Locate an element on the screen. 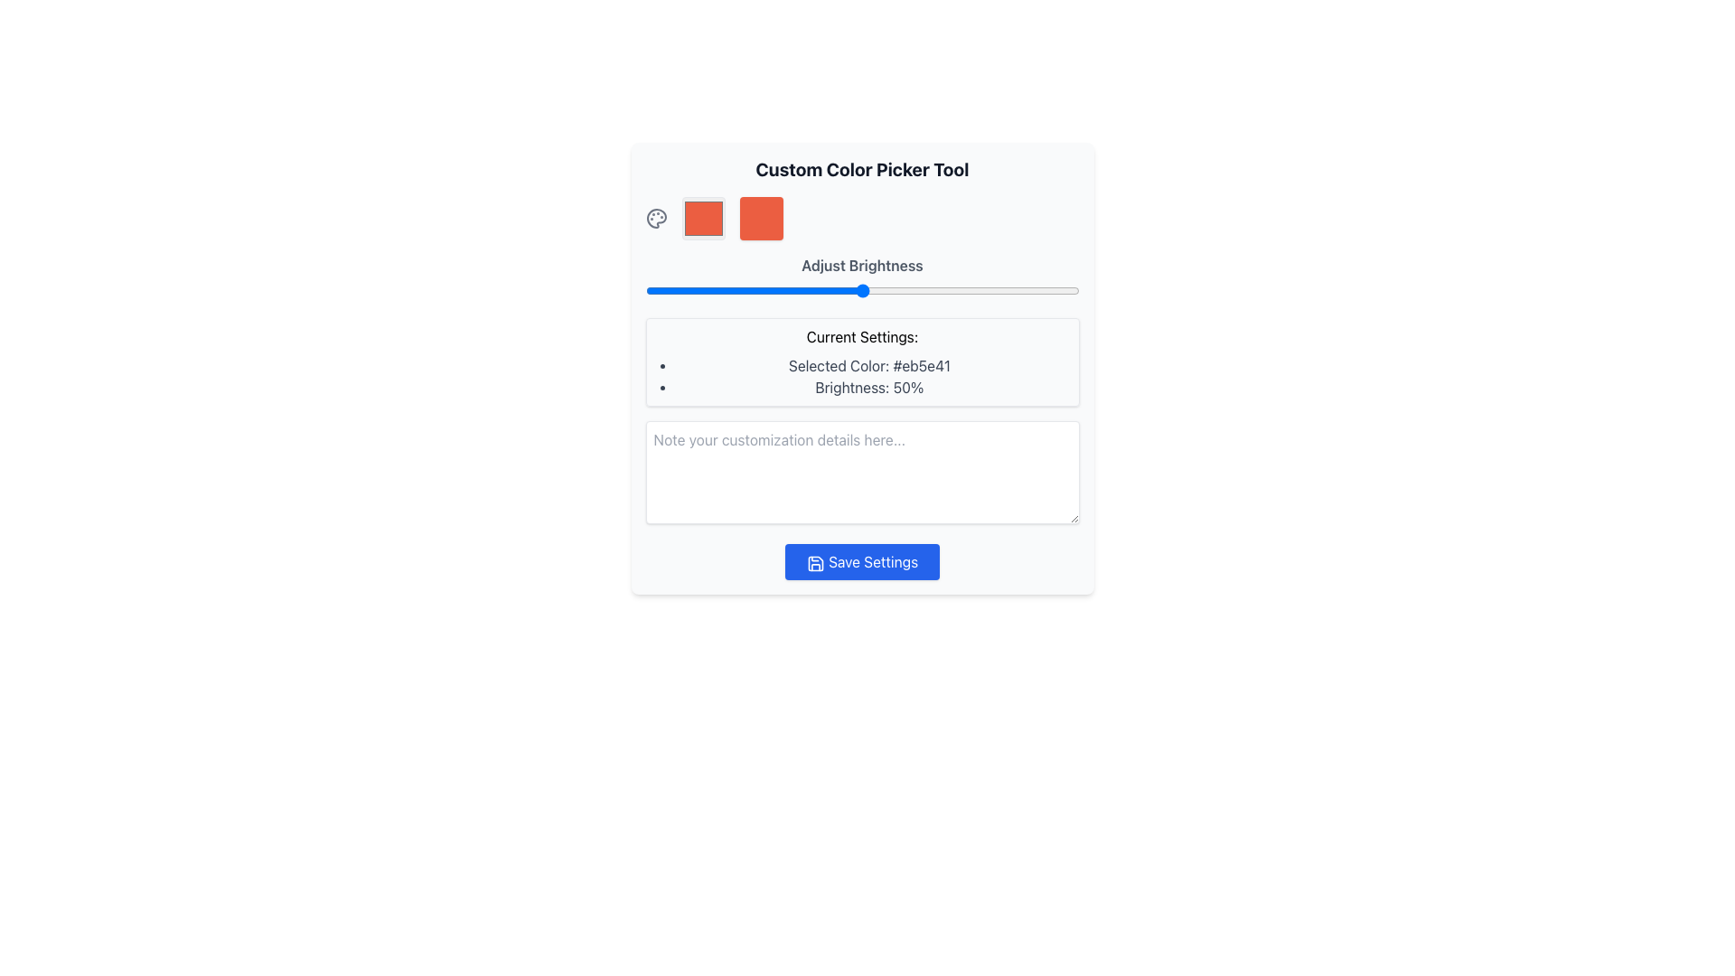 Image resolution: width=1735 pixels, height=976 pixels. brightness is located at coordinates (1031, 289).